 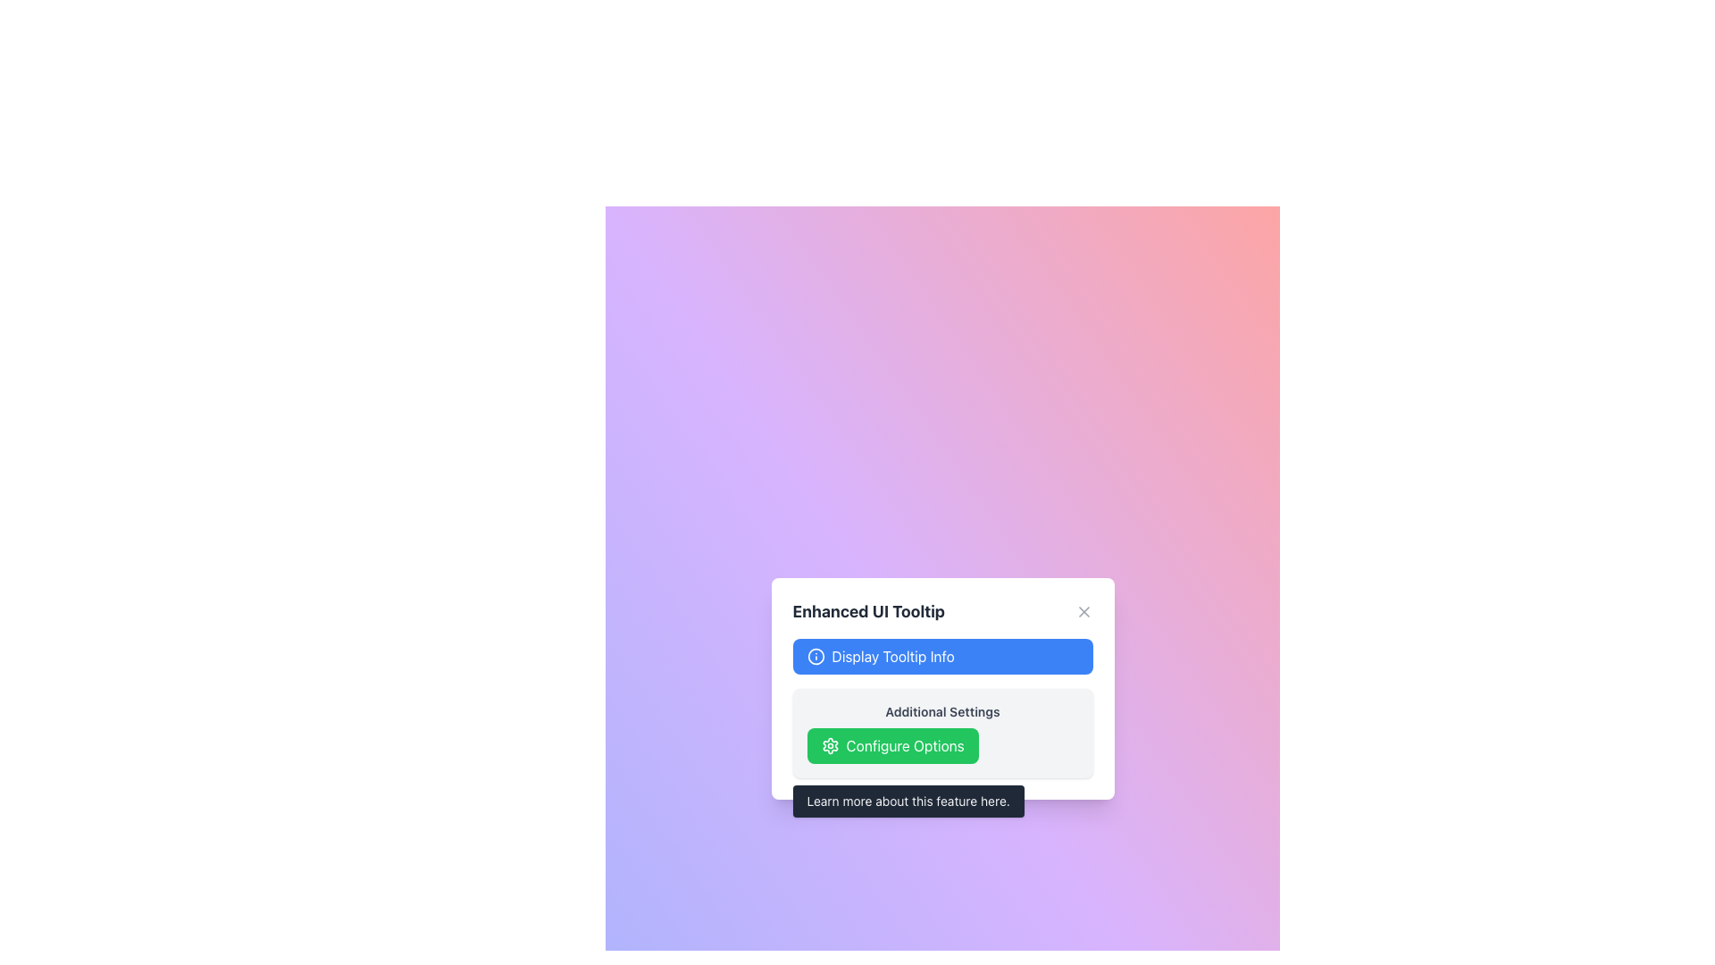 What do you see at coordinates (941, 708) in the screenshot?
I see `the section titled 'Additional Settings' within the modal` at bounding box center [941, 708].